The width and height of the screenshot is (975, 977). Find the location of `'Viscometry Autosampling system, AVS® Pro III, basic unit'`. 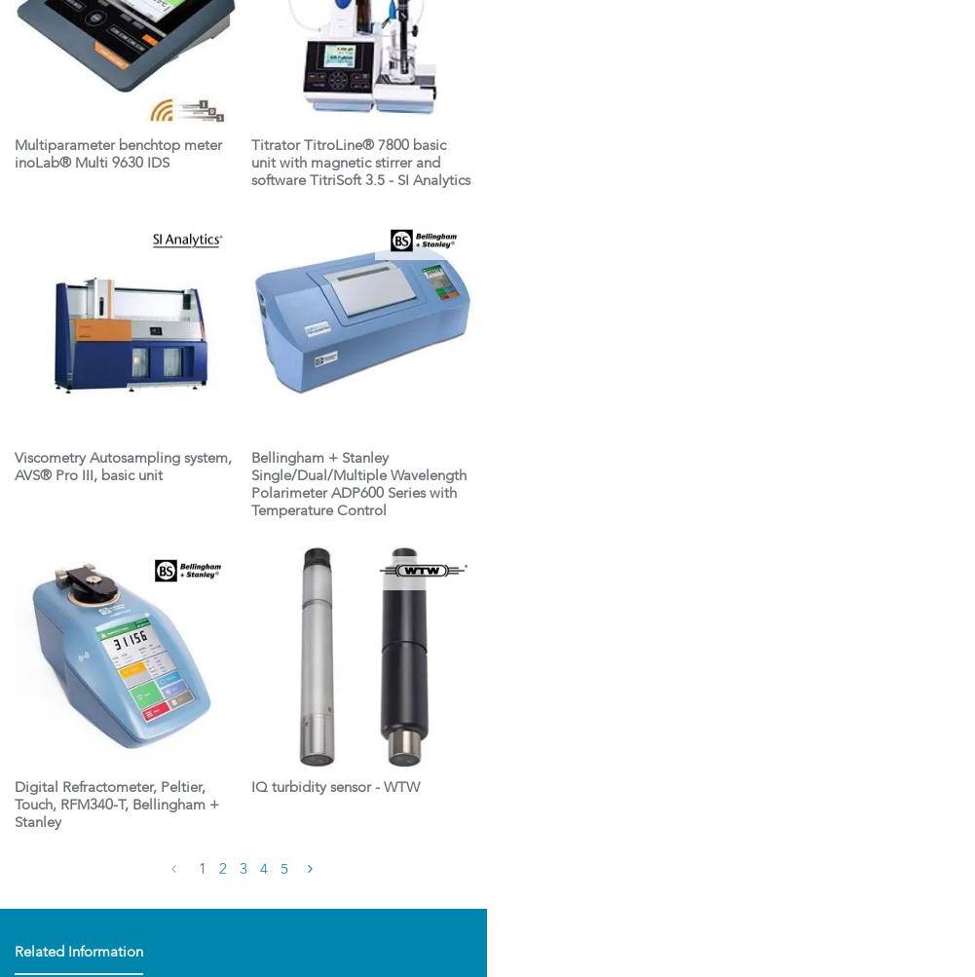

'Viscometry Autosampling system, AVS® Pro III, basic unit' is located at coordinates (122, 467).